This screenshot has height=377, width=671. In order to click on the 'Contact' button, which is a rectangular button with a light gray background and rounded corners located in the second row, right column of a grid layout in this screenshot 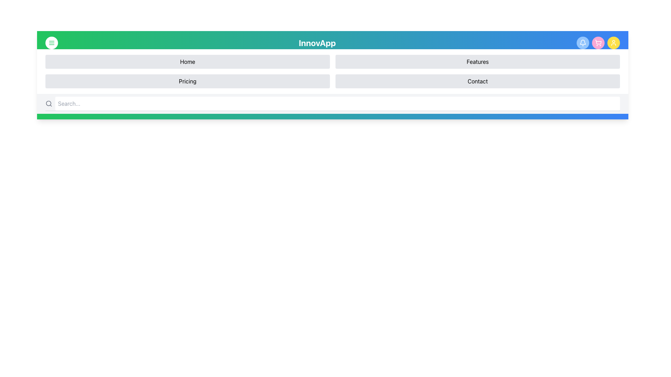, I will do `click(477, 81)`.